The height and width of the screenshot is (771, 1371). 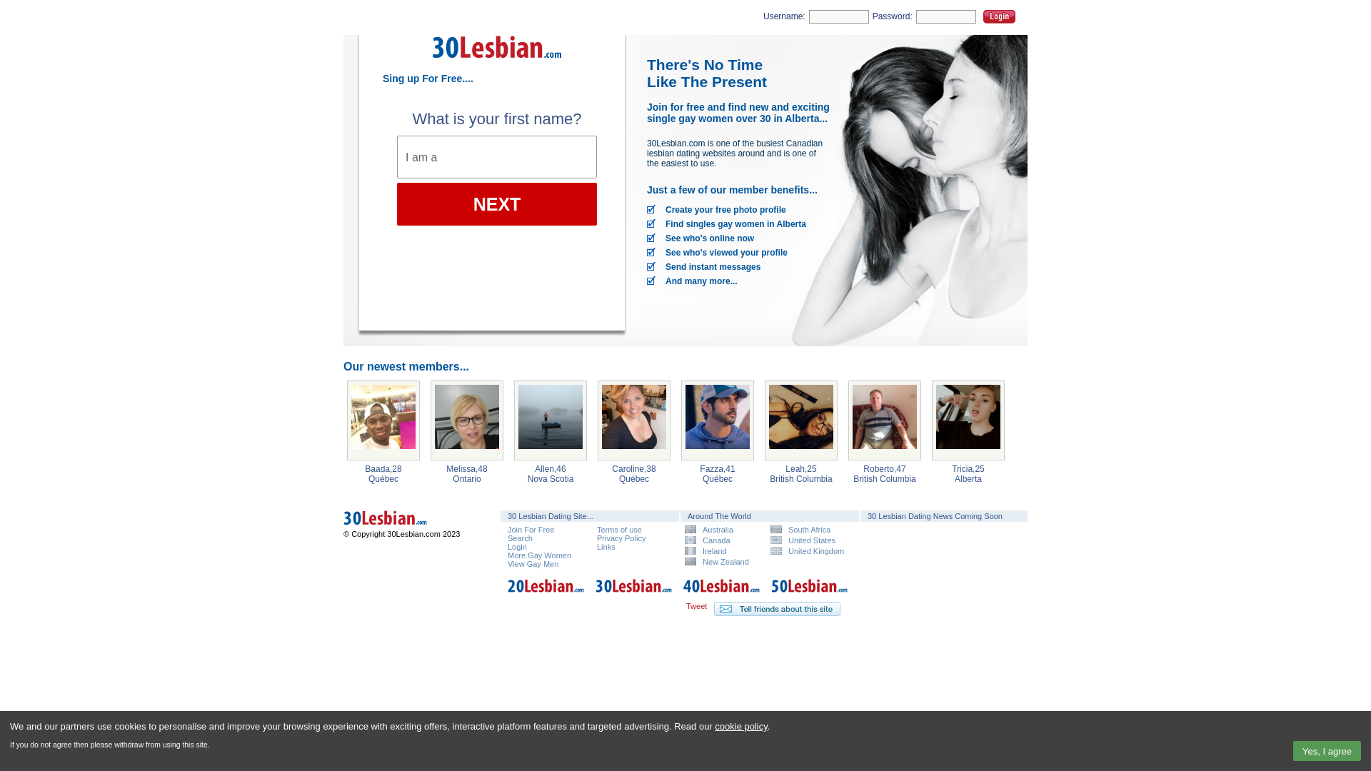 What do you see at coordinates (619, 529) in the screenshot?
I see `'Terms of use'` at bounding box center [619, 529].